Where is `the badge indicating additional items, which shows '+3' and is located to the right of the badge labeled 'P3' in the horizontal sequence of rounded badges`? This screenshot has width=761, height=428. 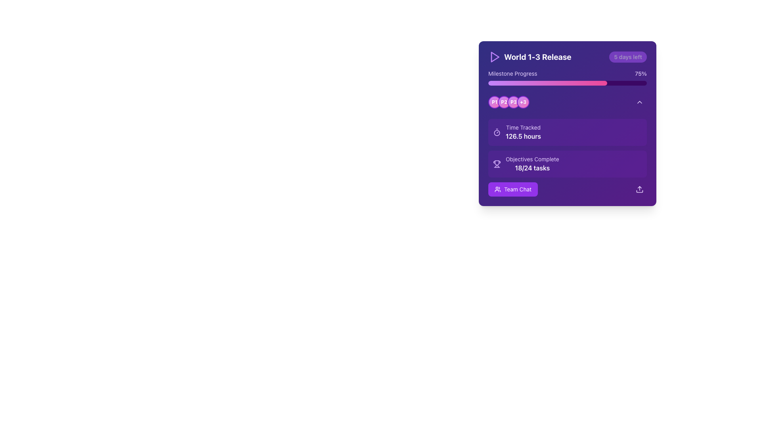 the badge indicating additional items, which shows '+3' and is located to the right of the badge labeled 'P3' in the horizontal sequence of rounded badges is located at coordinates (523, 102).